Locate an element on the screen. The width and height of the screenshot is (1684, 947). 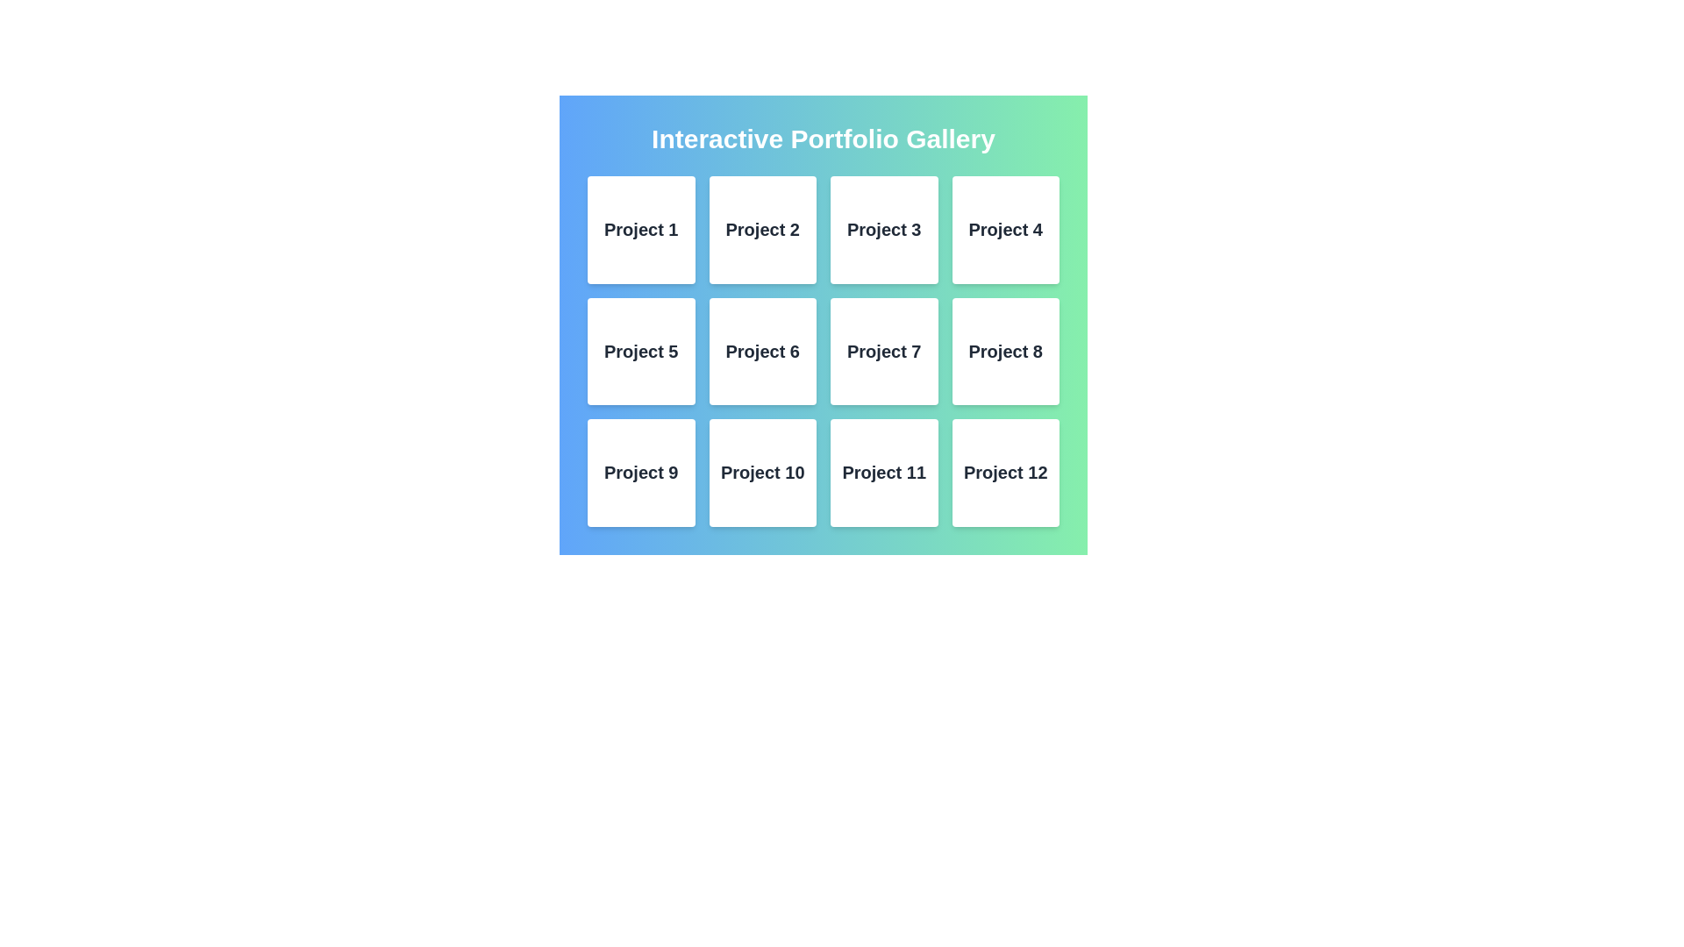
the share icon button located in the top-right corner of the 'Project 4' card is located at coordinates (1028, 229).